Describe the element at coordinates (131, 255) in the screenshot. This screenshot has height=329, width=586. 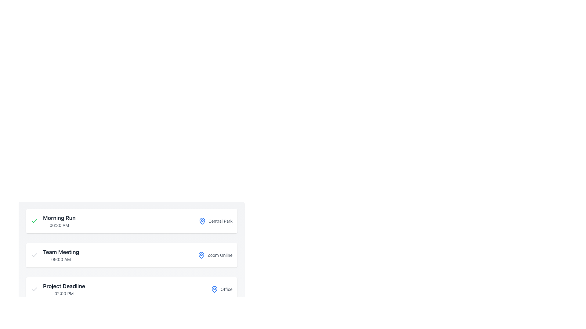
I see `the 'Team Meeting' event card located in the middle of the list, which includes details about the event title and location` at that location.